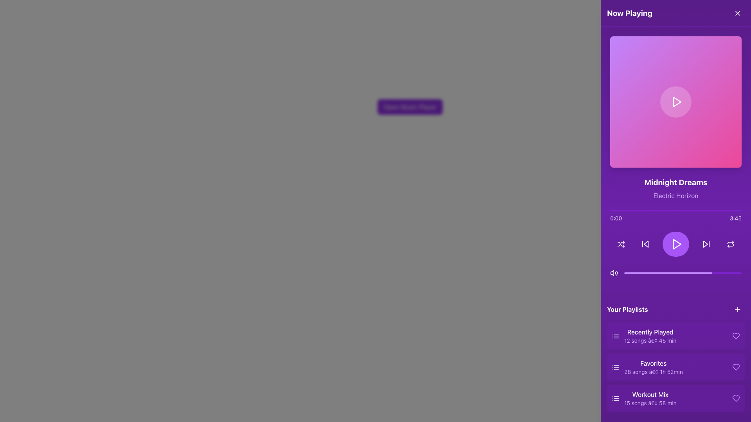  Describe the element at coordinates (650, 395) in the screenshot. I see `the 'Workout Mix' text label located in the 'Your Playlists' section, specifically as the title of the third playlist item, which is prominently styled and distinguishable` at that location.